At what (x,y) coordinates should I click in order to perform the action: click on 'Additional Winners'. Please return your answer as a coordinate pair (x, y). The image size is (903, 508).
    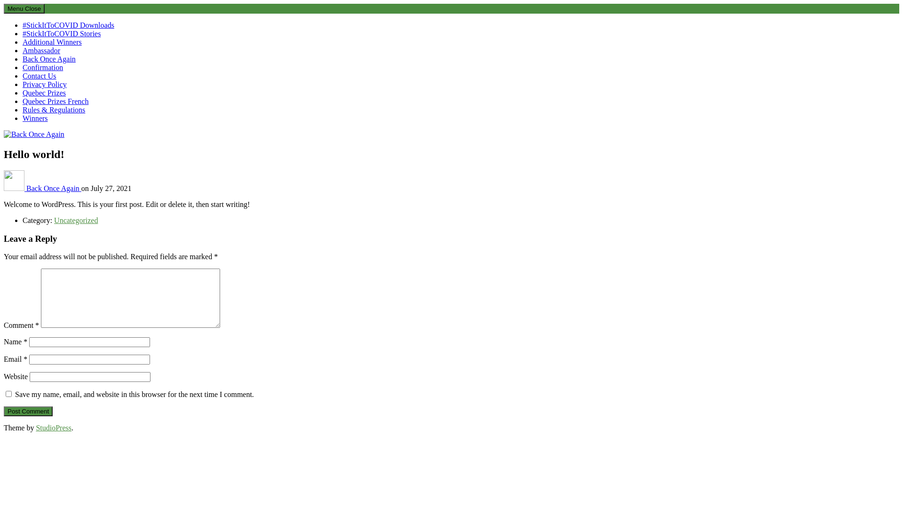
    Looking at the image, I should click on (51, 41).